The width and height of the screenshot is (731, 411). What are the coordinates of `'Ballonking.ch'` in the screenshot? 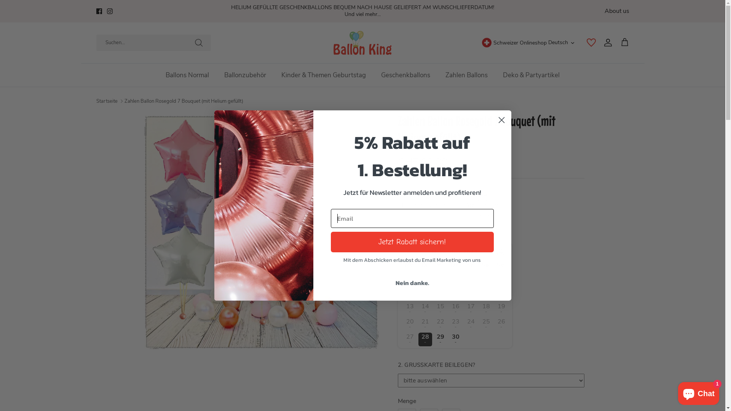 It's located at (362, 43).